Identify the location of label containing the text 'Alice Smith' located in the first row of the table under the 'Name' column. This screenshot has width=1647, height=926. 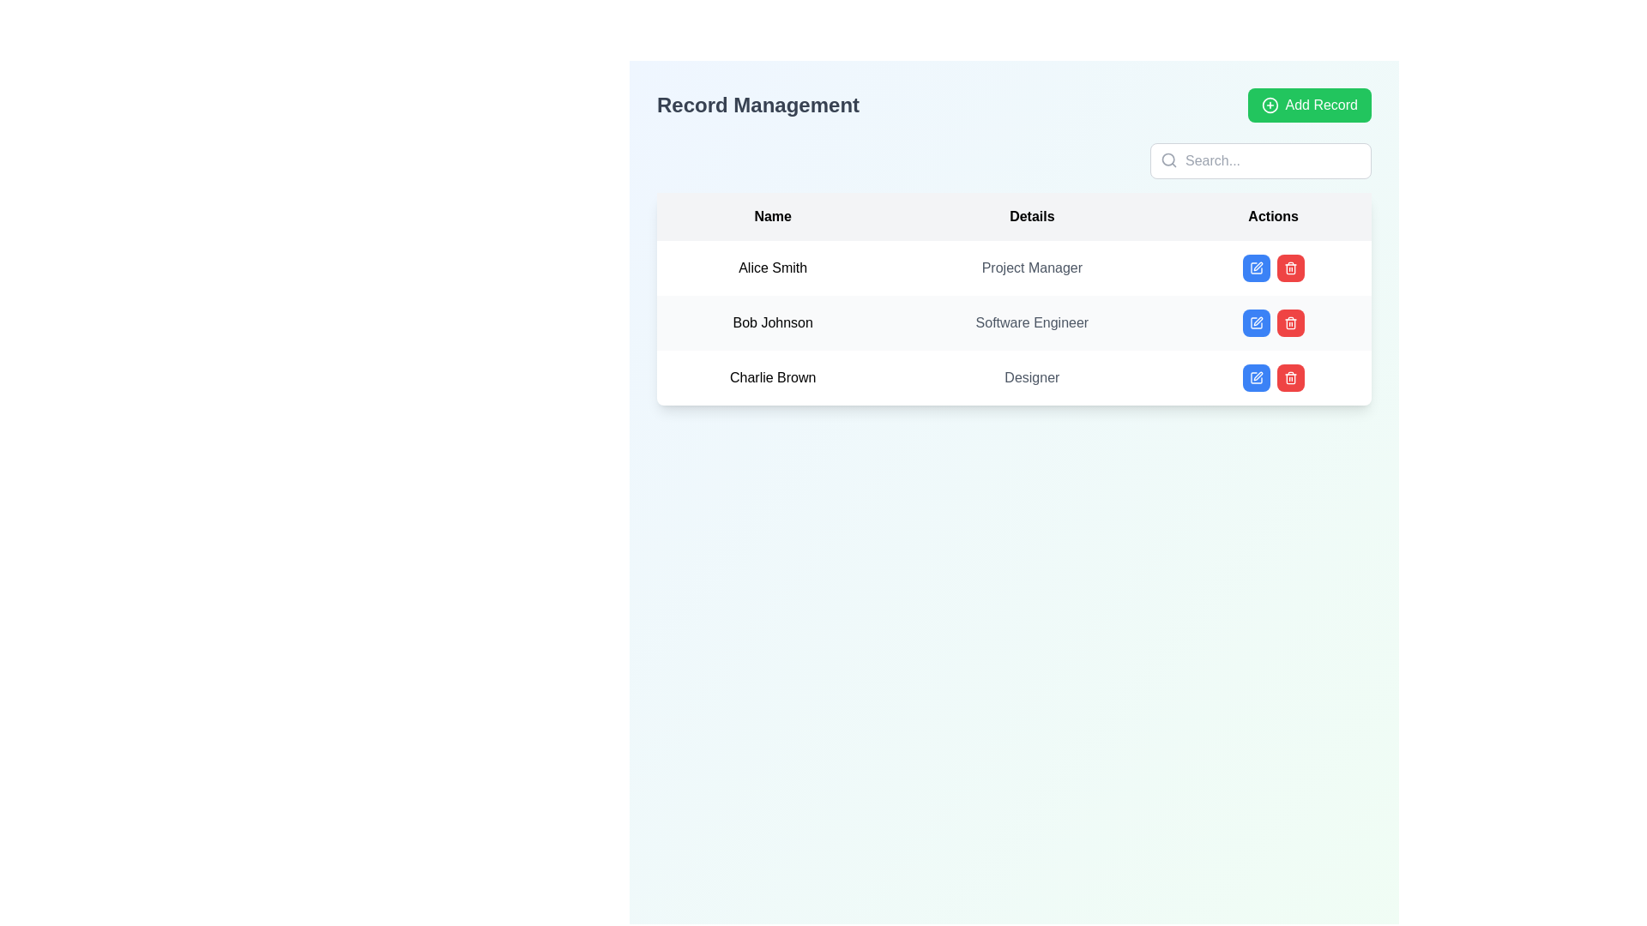
(772, 268).